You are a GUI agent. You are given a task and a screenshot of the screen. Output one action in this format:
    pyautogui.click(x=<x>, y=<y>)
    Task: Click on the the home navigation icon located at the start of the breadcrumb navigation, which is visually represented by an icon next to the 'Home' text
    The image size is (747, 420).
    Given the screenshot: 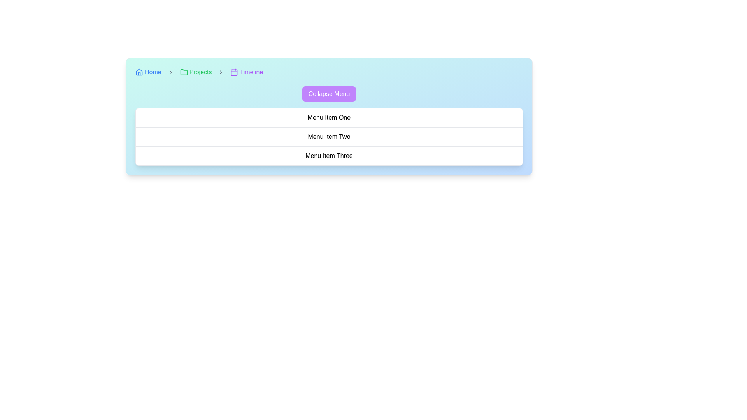 What is the action you would take?
    pyautogui.click(x=139, y=72)
    